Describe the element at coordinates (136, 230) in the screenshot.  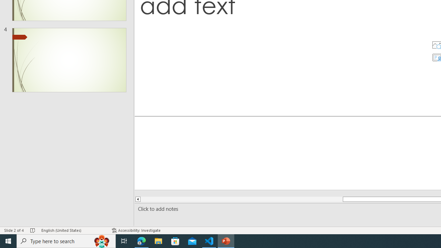
I see `'Accessibility Checker Accessibility: Investigate'` at that location.